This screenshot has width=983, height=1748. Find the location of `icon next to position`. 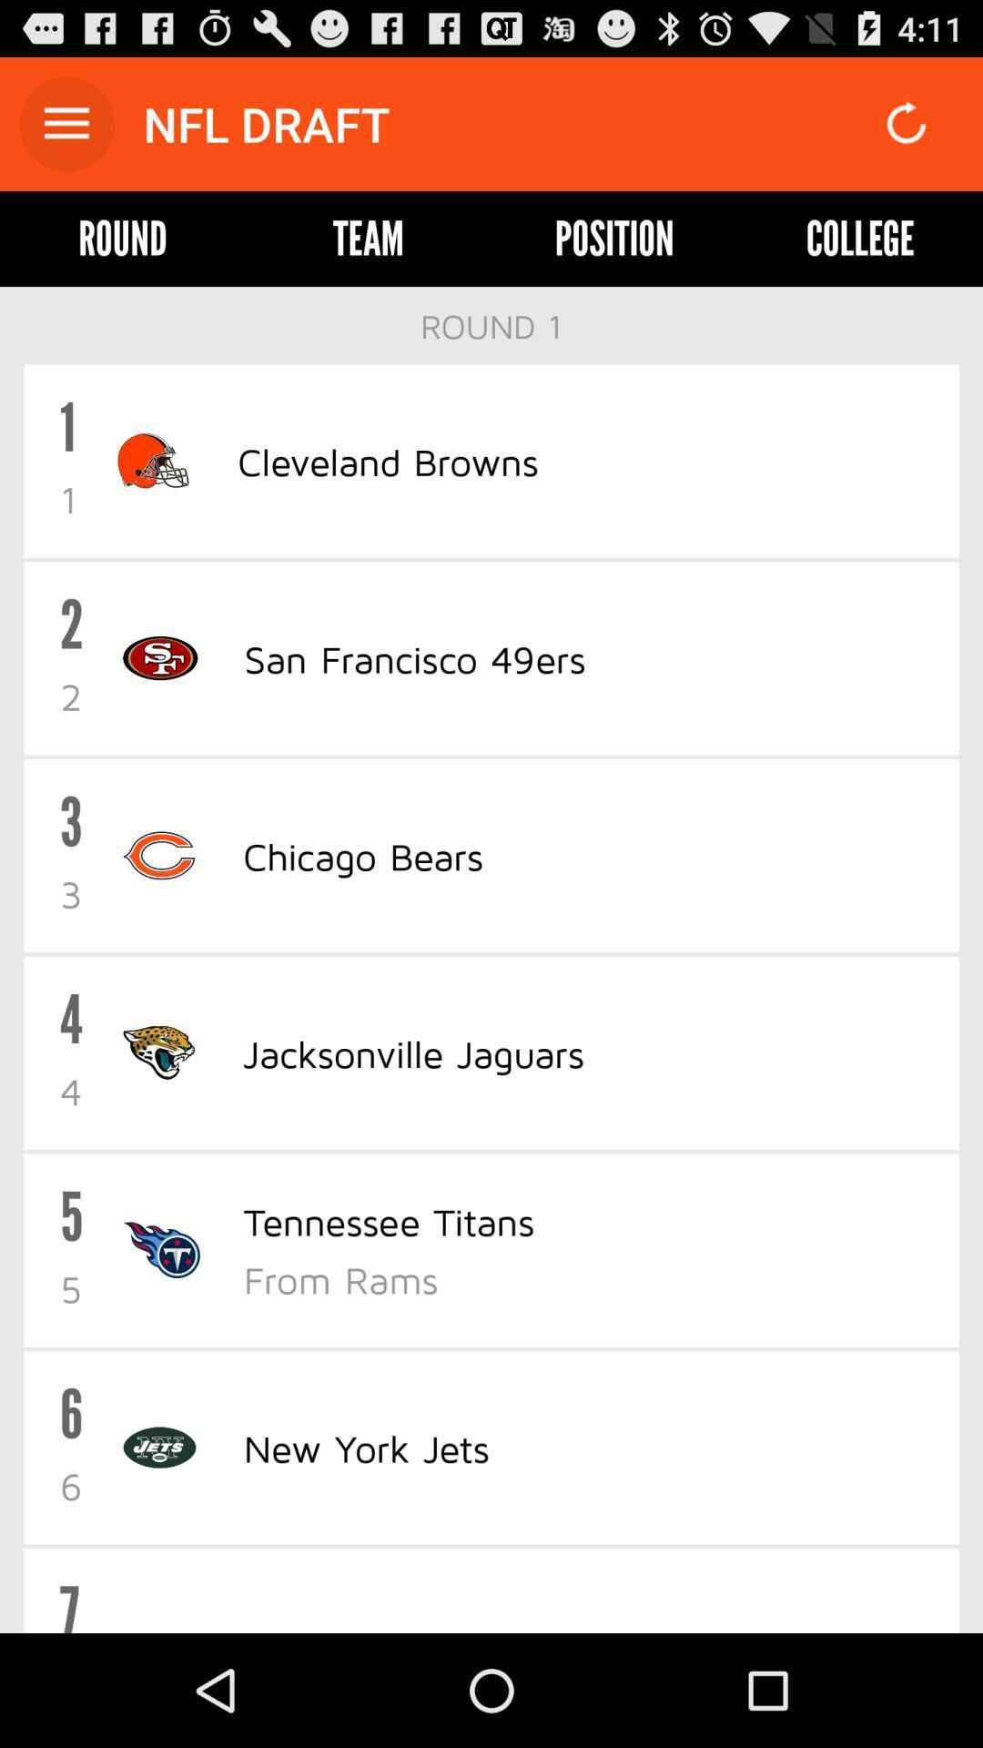

icon next to position is located at coordinates (369, 238).